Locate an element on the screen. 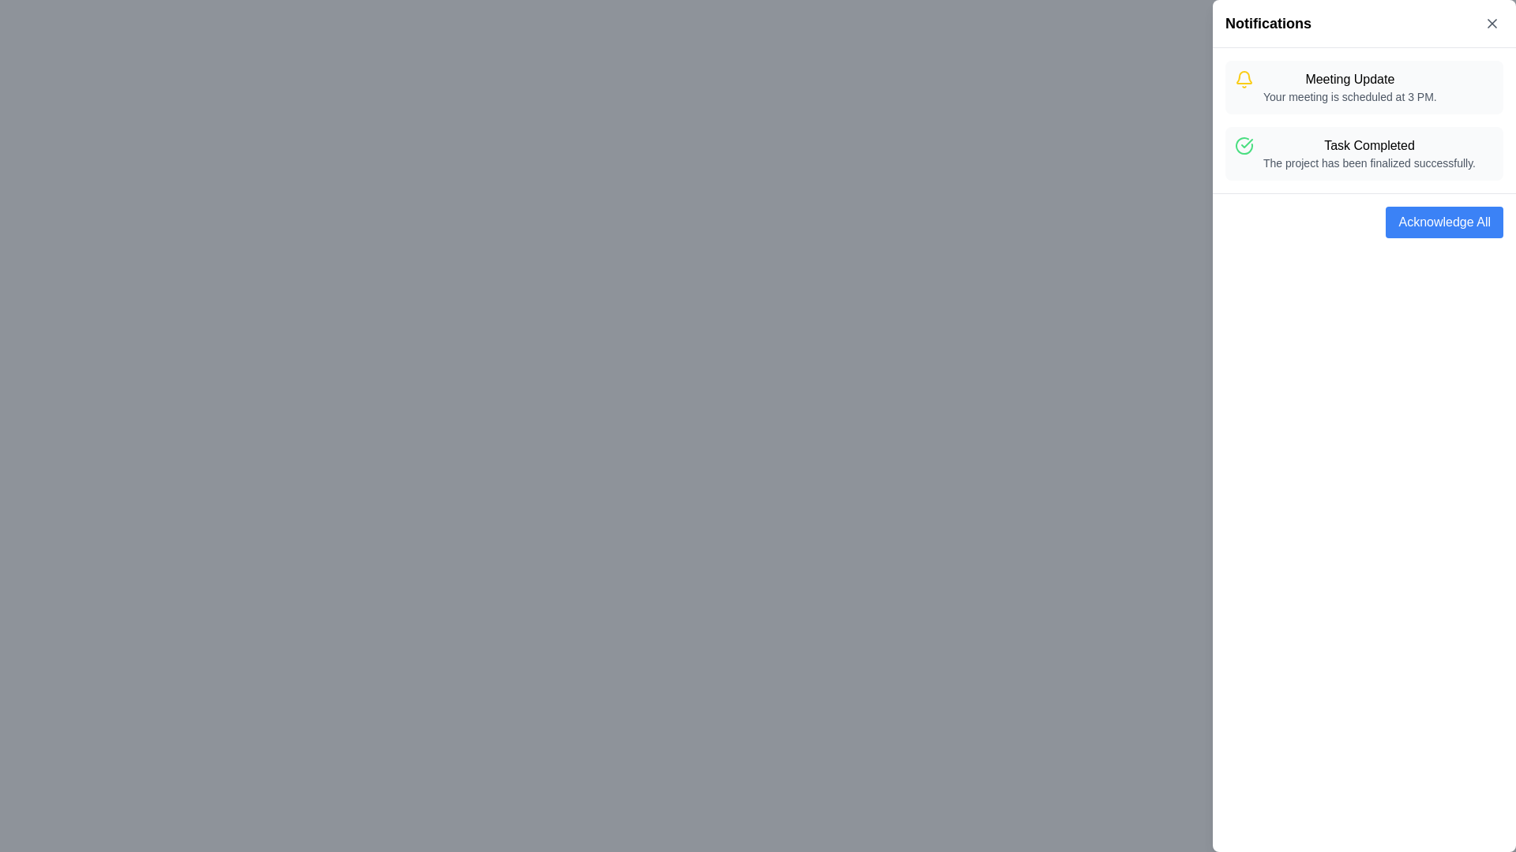 This screenshot has height=852, width=1516. the small circular button with an 'x' icon located at the top-right of the notification panel is located at coordinates (1492, 24).